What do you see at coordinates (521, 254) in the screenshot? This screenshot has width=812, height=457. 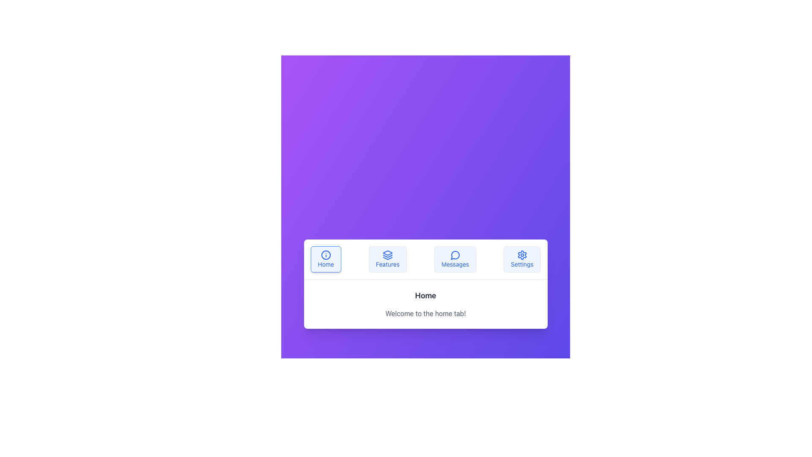 I see `the SVG graphical icon representing settings or configurations located in the 'Settings' tab` at bounding box center [521, 254].